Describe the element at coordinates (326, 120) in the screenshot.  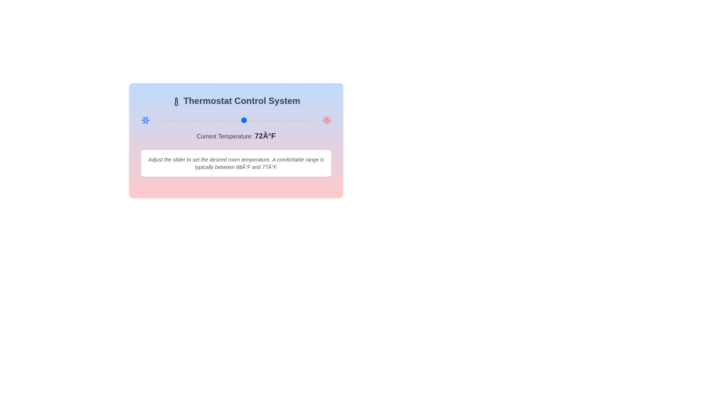
I see `the sun icon in the thermostat controller` at that location.